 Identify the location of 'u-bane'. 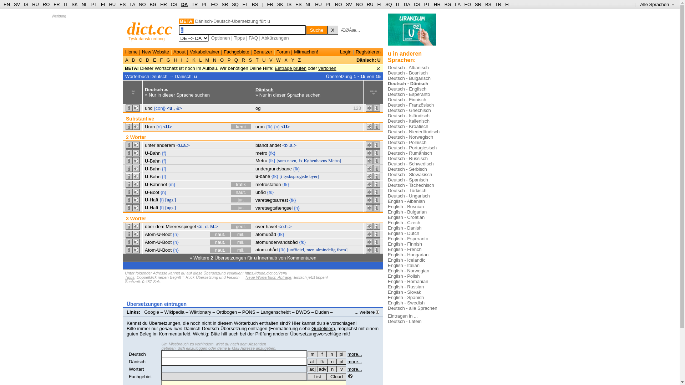
(262, 176).